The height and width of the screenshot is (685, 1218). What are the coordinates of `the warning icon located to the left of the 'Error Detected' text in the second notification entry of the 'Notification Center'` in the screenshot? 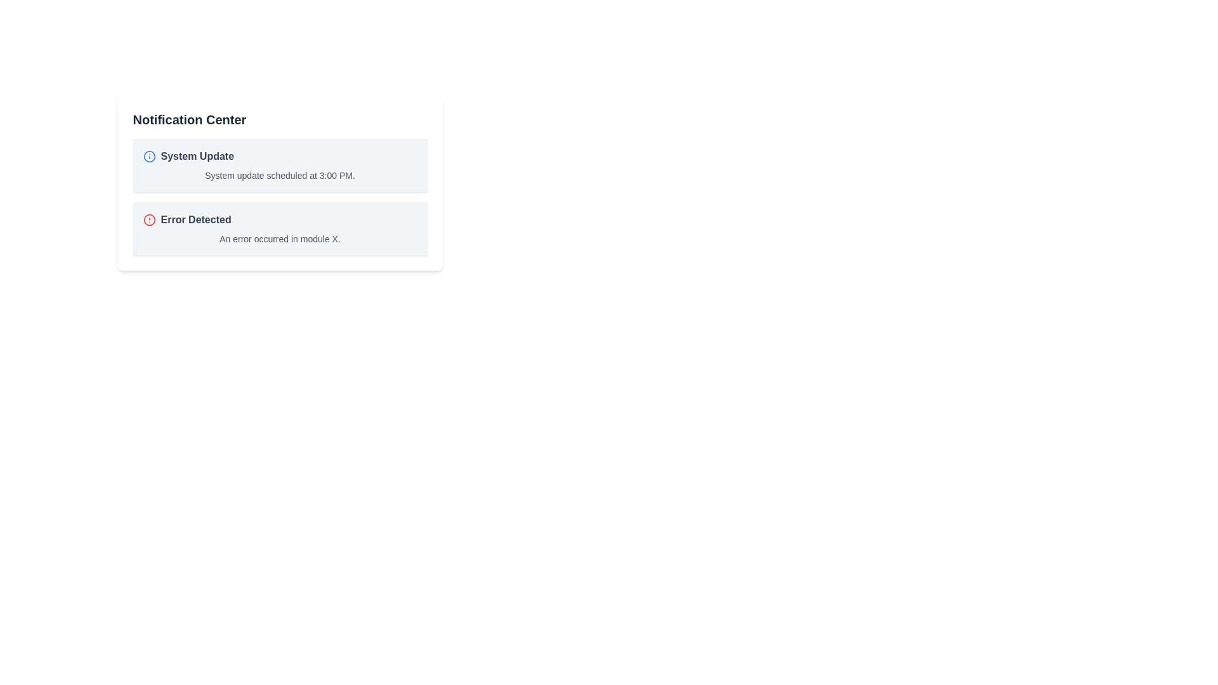 It's located at (149, 219).